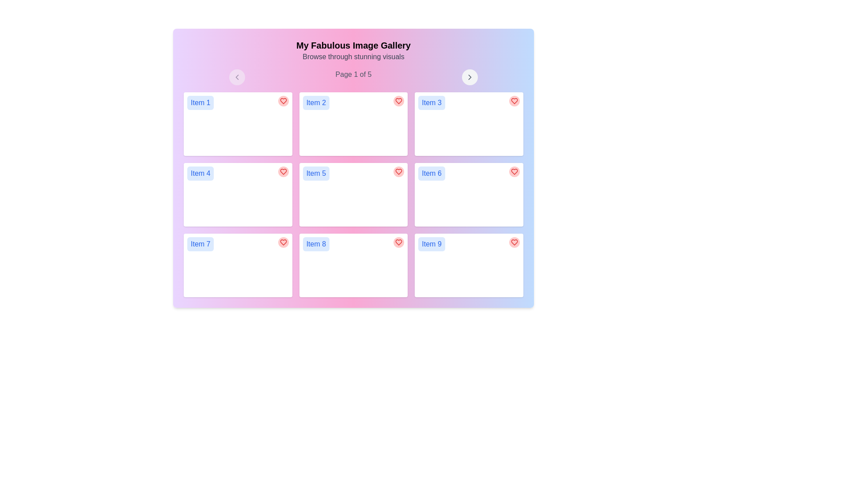 The image size is (848, 477). Describe the element at coordinates (283, 242) in the screenshot. I see `the rounded button with a red heart icon located in the top-right corner of the 'Item 7' card to interact with it` at that location.